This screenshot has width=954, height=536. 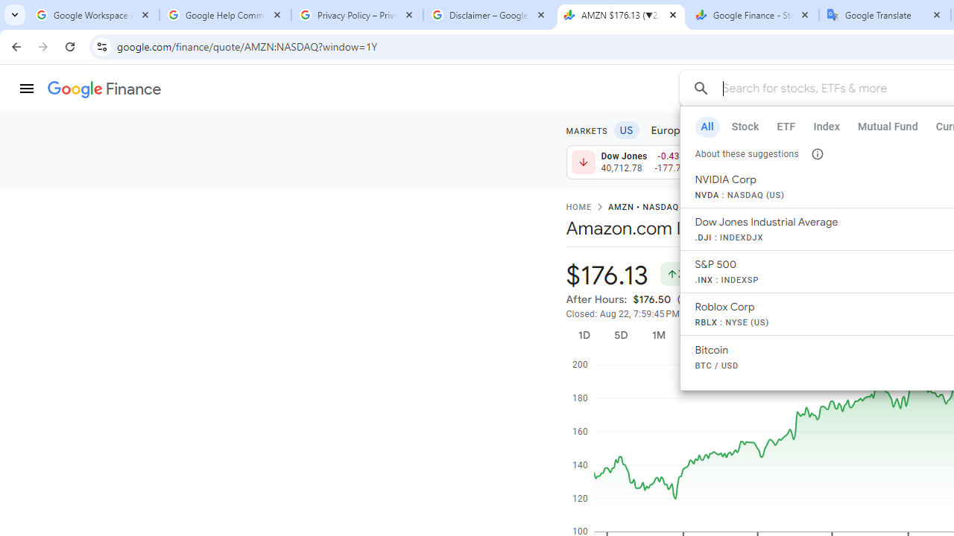 I want to click on 'About these suggestions', so click(x=816, y=153).